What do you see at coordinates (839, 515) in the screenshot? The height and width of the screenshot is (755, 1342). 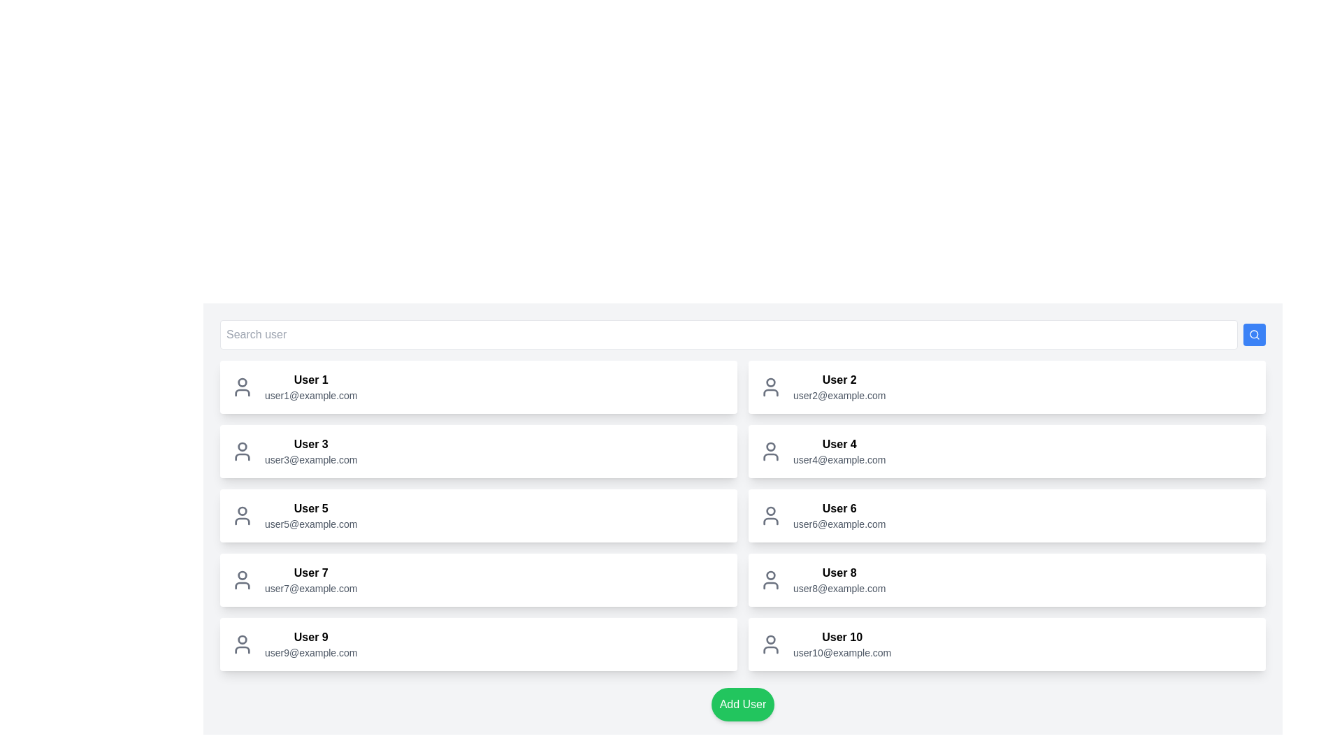 I see `displayed information of the text element showing 'User 6' and 'user6@example.com', which is located in the right column of the grid layout, specifically in the third row, below 'User 4' and above 'User 8'` at bounding box center [839, 515].